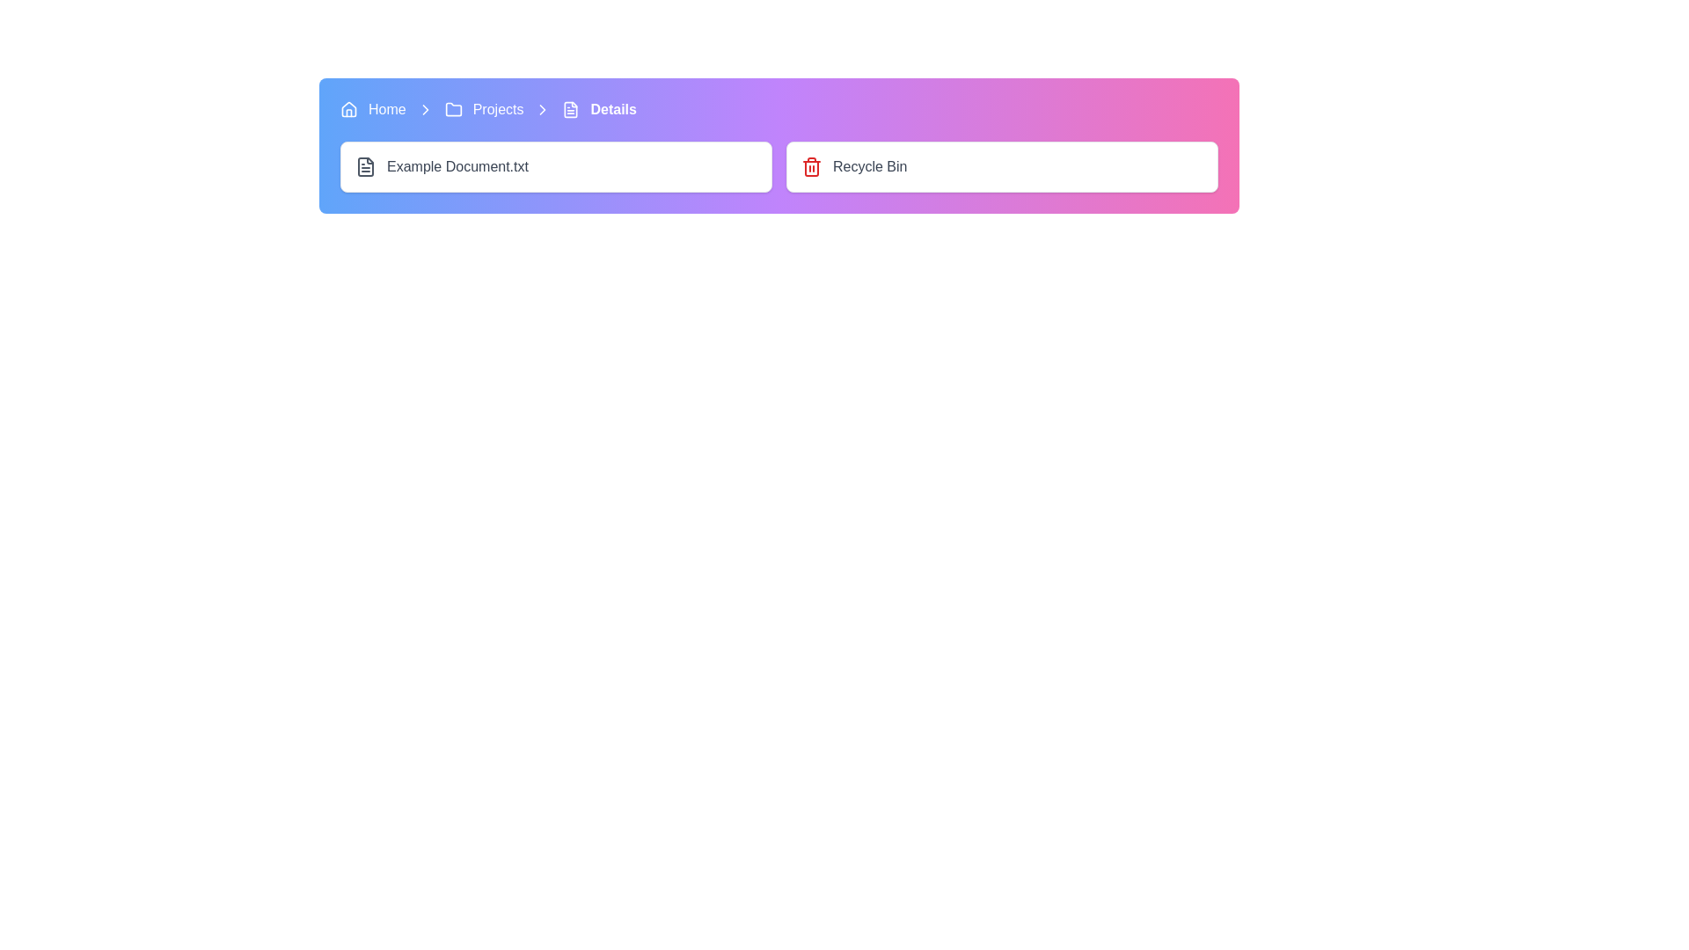 The image size is (1689, 950). What do you see at coordinates (497, 109) in the screenshot?
I see `the second text label in the breadcrumb navigation sequence, positioned between 'Home' and 'Details'` at bounding box center [497, 109].